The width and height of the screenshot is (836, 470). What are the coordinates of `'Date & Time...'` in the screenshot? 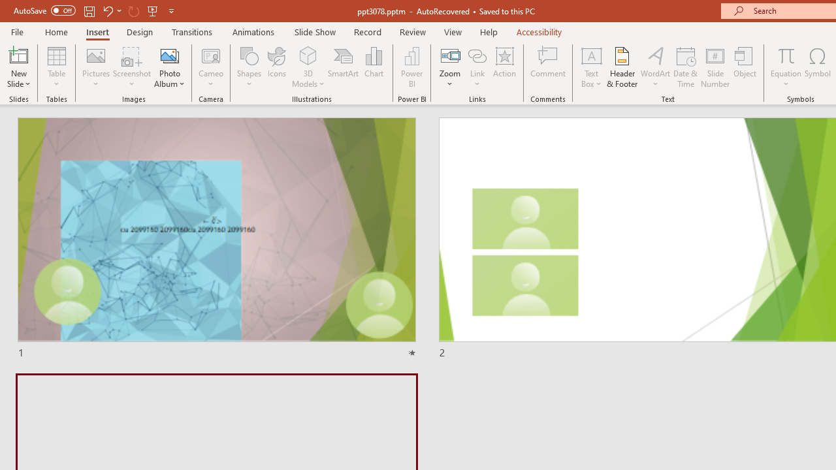 It's located at (685, 67).